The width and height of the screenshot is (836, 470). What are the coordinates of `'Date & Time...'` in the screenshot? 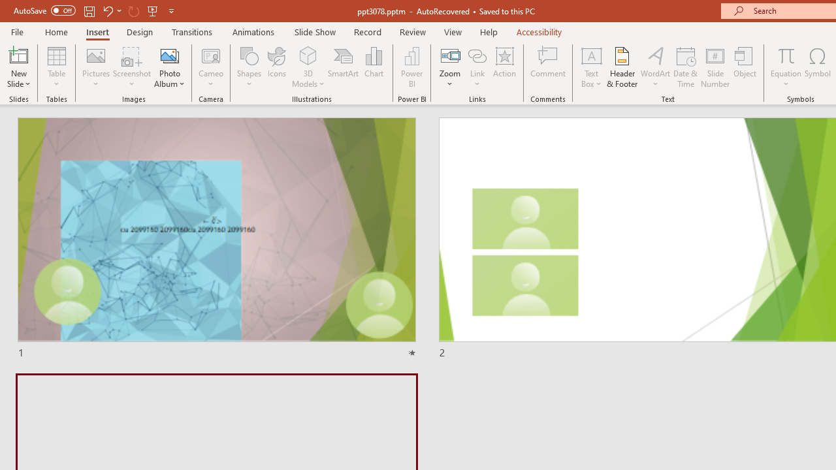 It's located at (685, 67).